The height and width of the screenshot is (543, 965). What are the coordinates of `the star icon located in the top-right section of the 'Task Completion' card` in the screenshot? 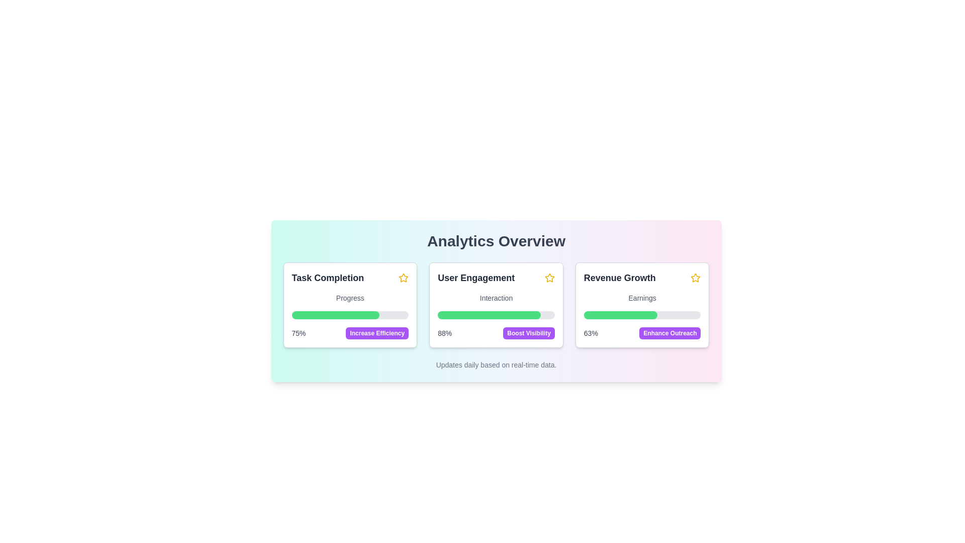 It's located at (404, 278).